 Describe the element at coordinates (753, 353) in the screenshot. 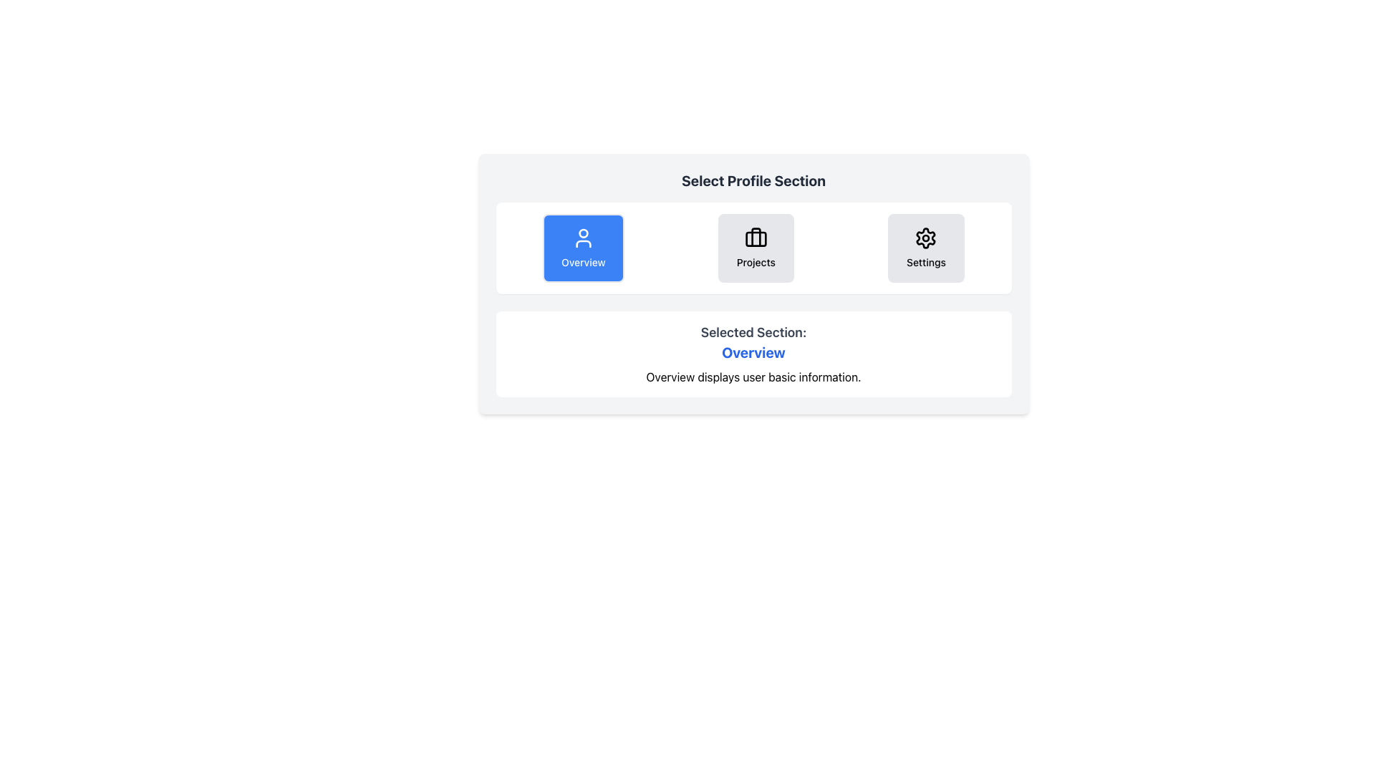

I see `the heading label indicating the selected profile section, which is positioned below 'Selected Section:' and above descriptive text, providing clarity about the active content` at that location.